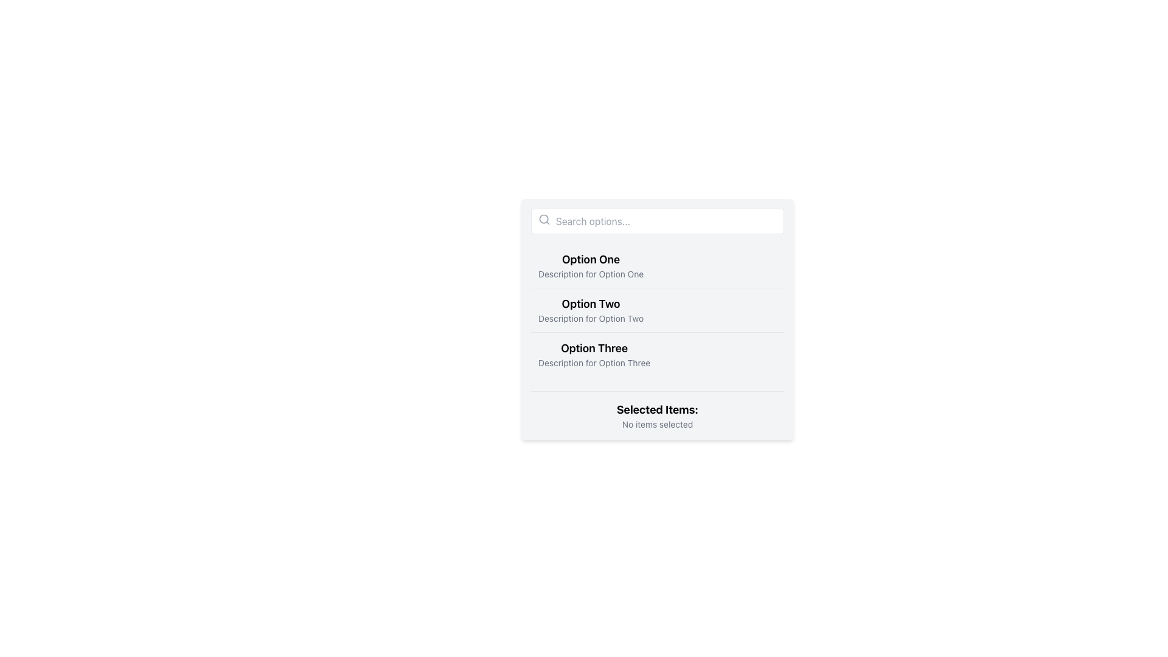  Describe the element at coordinates (543, 220) in the screenshot. I see `the gray magnifying glass icon located at the top-left corner of the search bar to initiate the search` at that location.